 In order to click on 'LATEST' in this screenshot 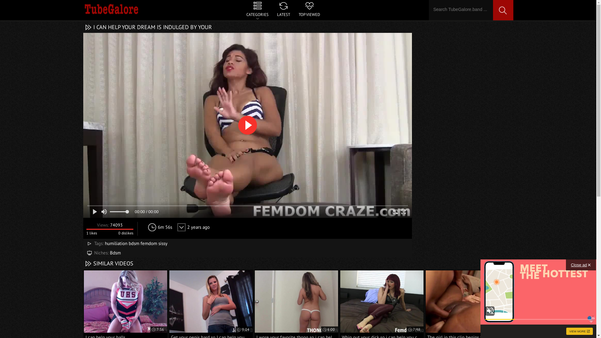, I will do `click(283, 10)`.